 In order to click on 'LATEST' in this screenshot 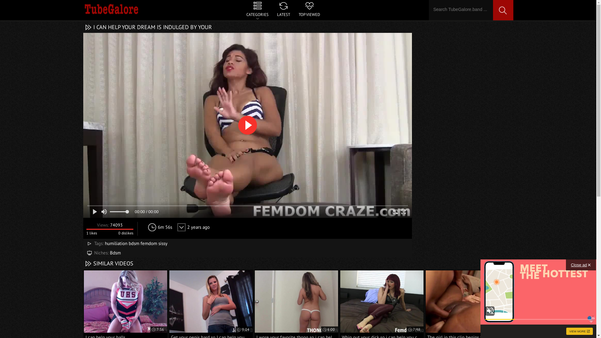, I will do `click(283, 10)`.